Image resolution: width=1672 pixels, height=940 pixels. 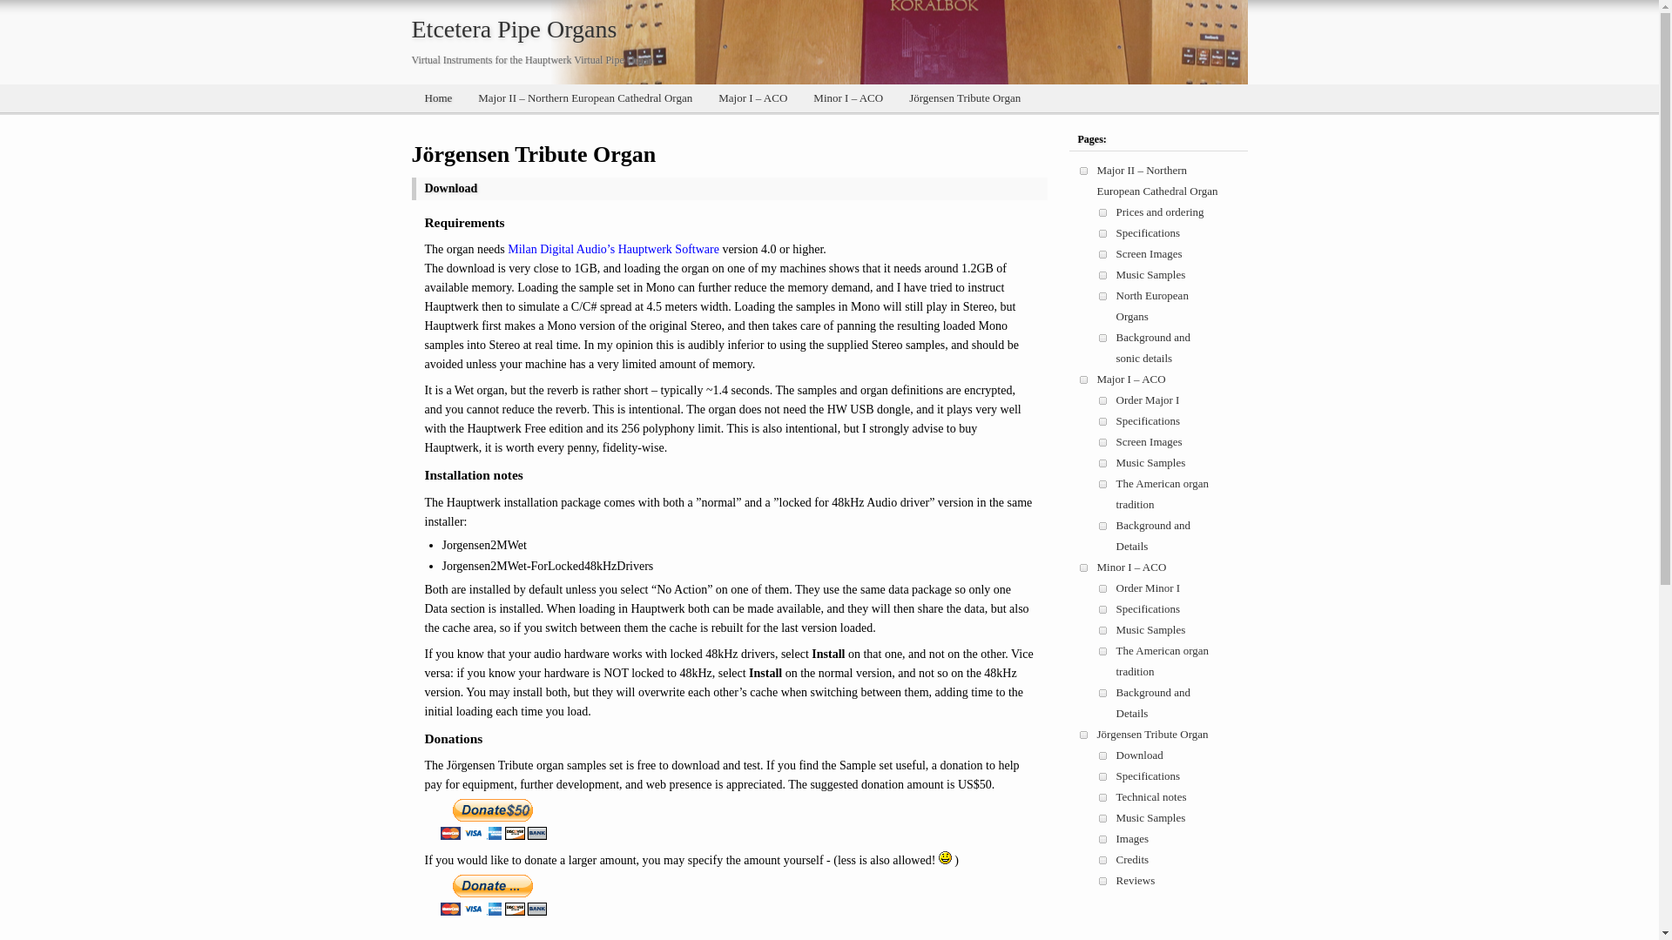 I want to click on 'Specifications', so click(x=1149, y=608).